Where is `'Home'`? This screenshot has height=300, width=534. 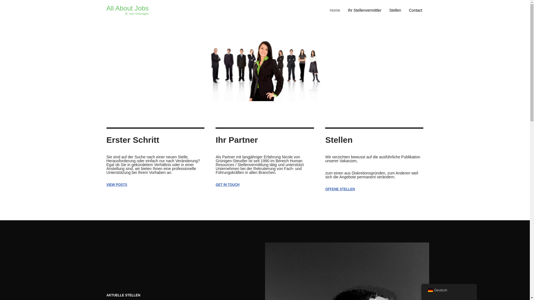 'Home' is located at coordinates (334, 10).